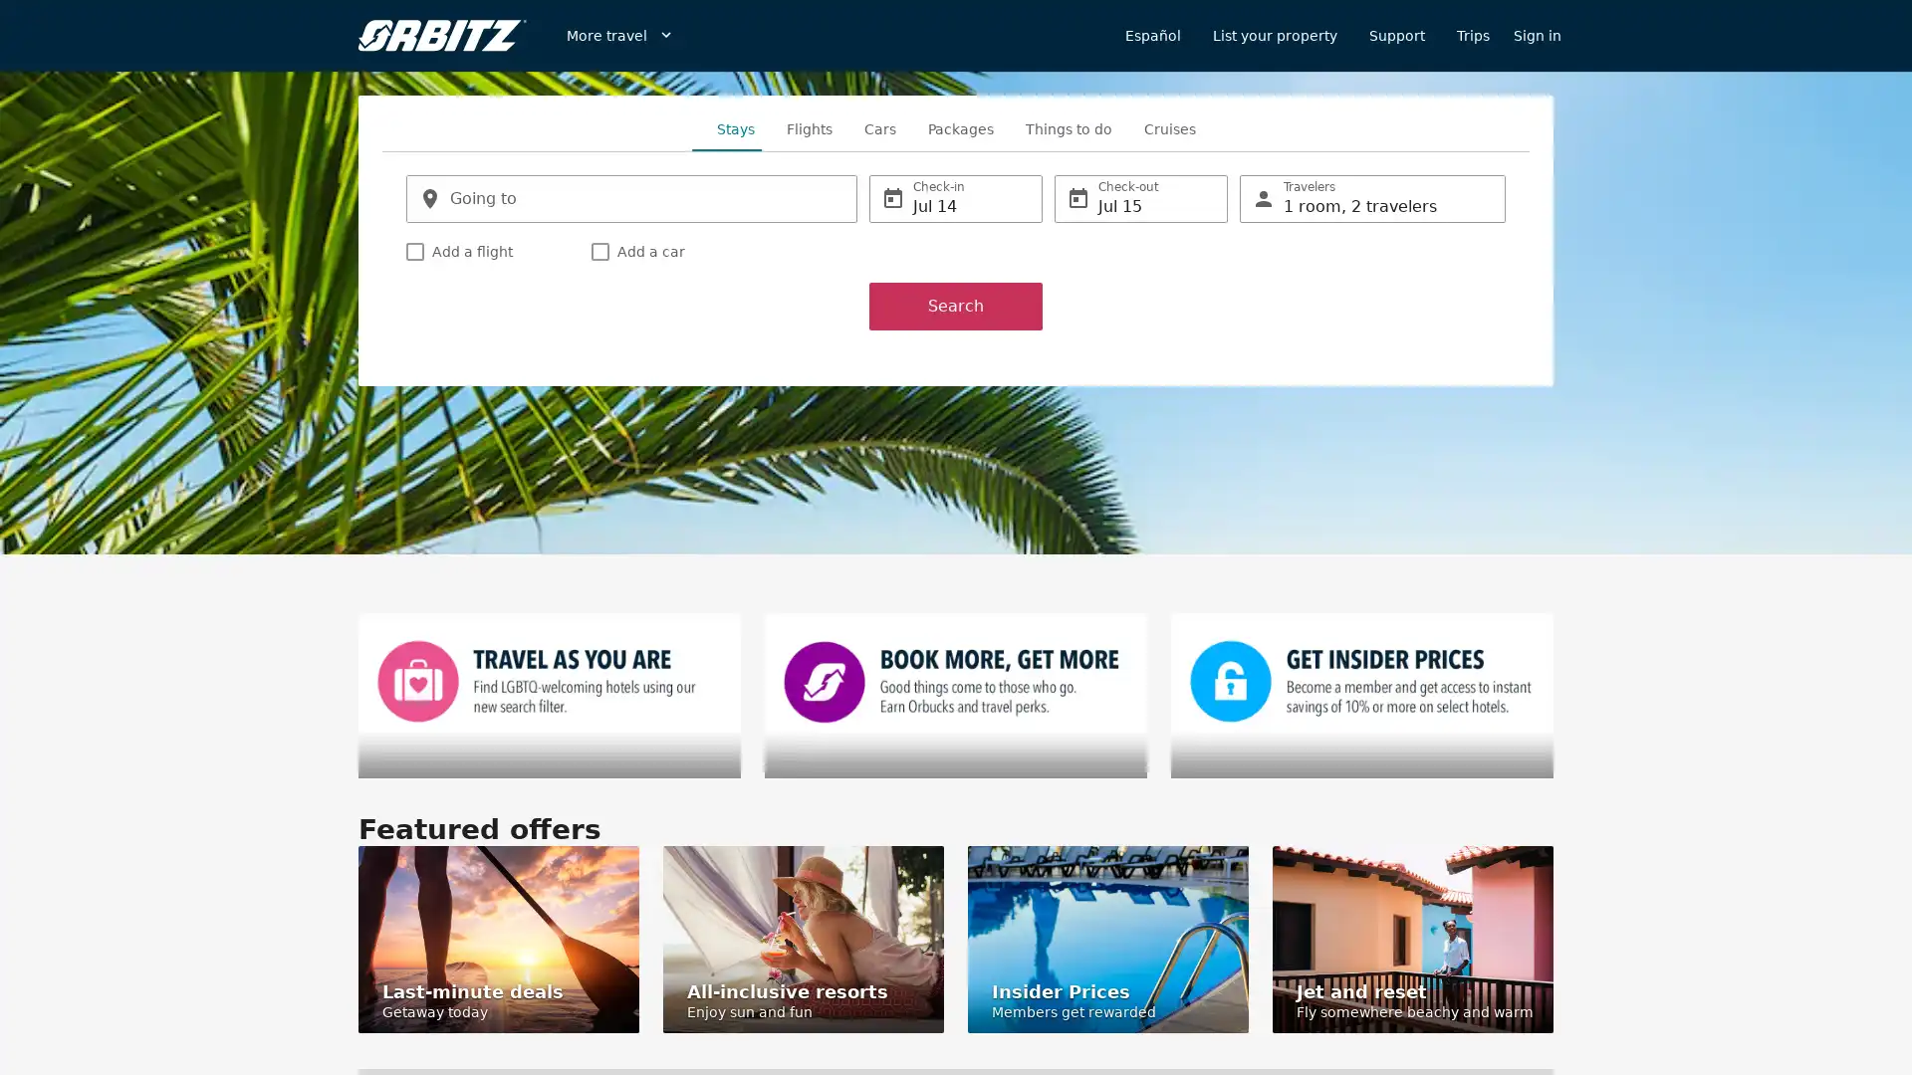  Describe the element at coordinates (956, 199) in the screenshot. I see `Check-in July 14, 2022` at that location.